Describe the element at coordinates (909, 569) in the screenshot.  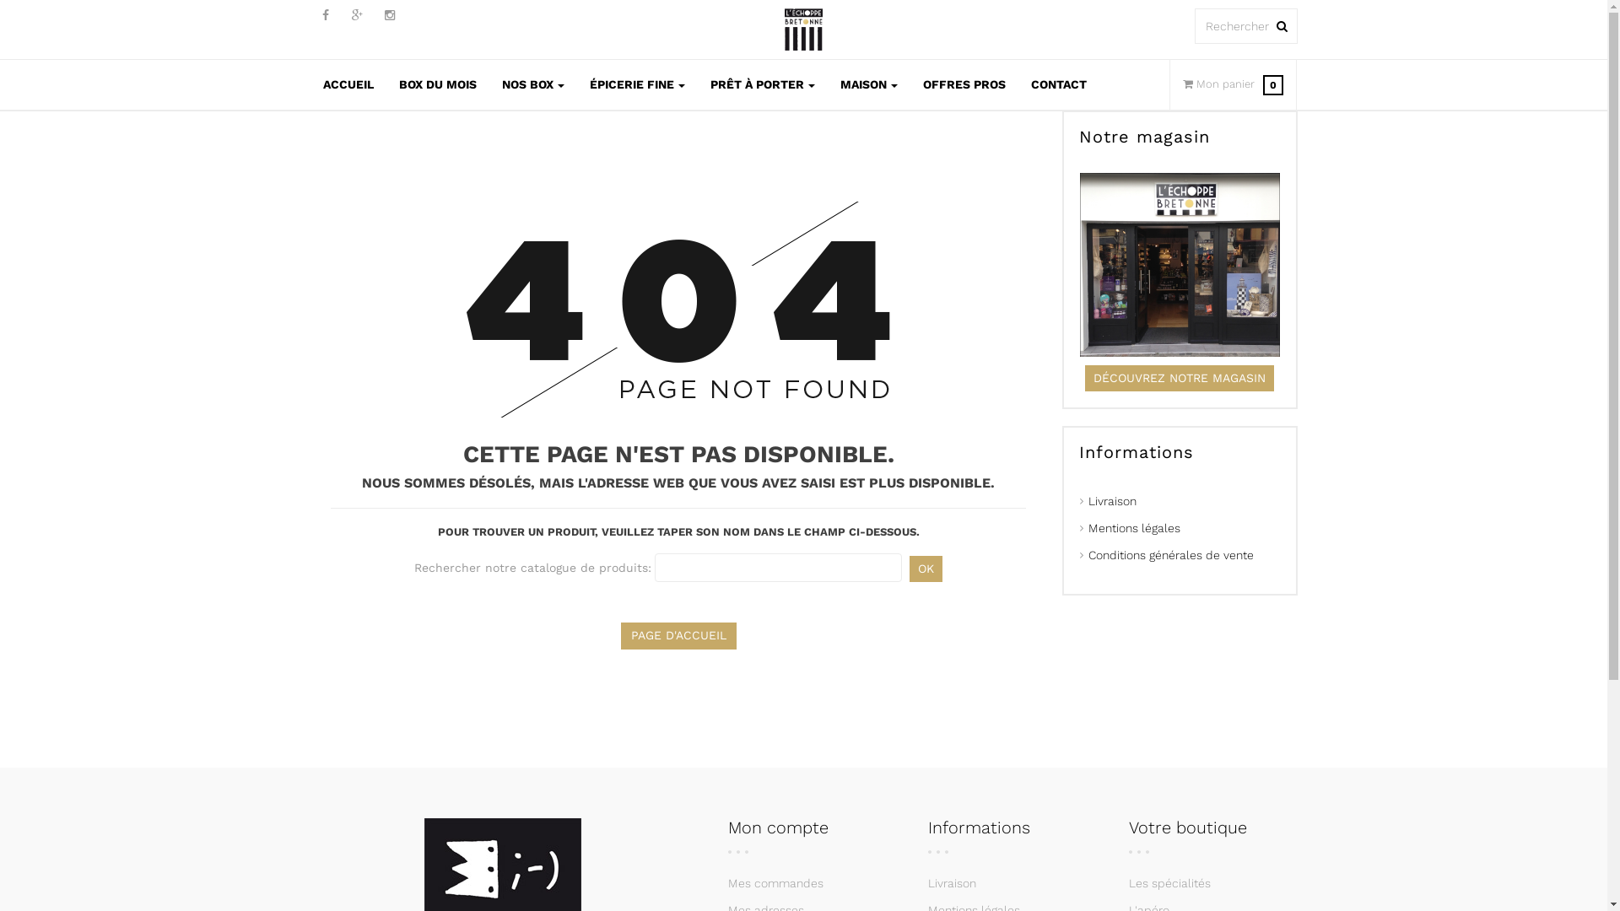
I see `'OK'` at that location.